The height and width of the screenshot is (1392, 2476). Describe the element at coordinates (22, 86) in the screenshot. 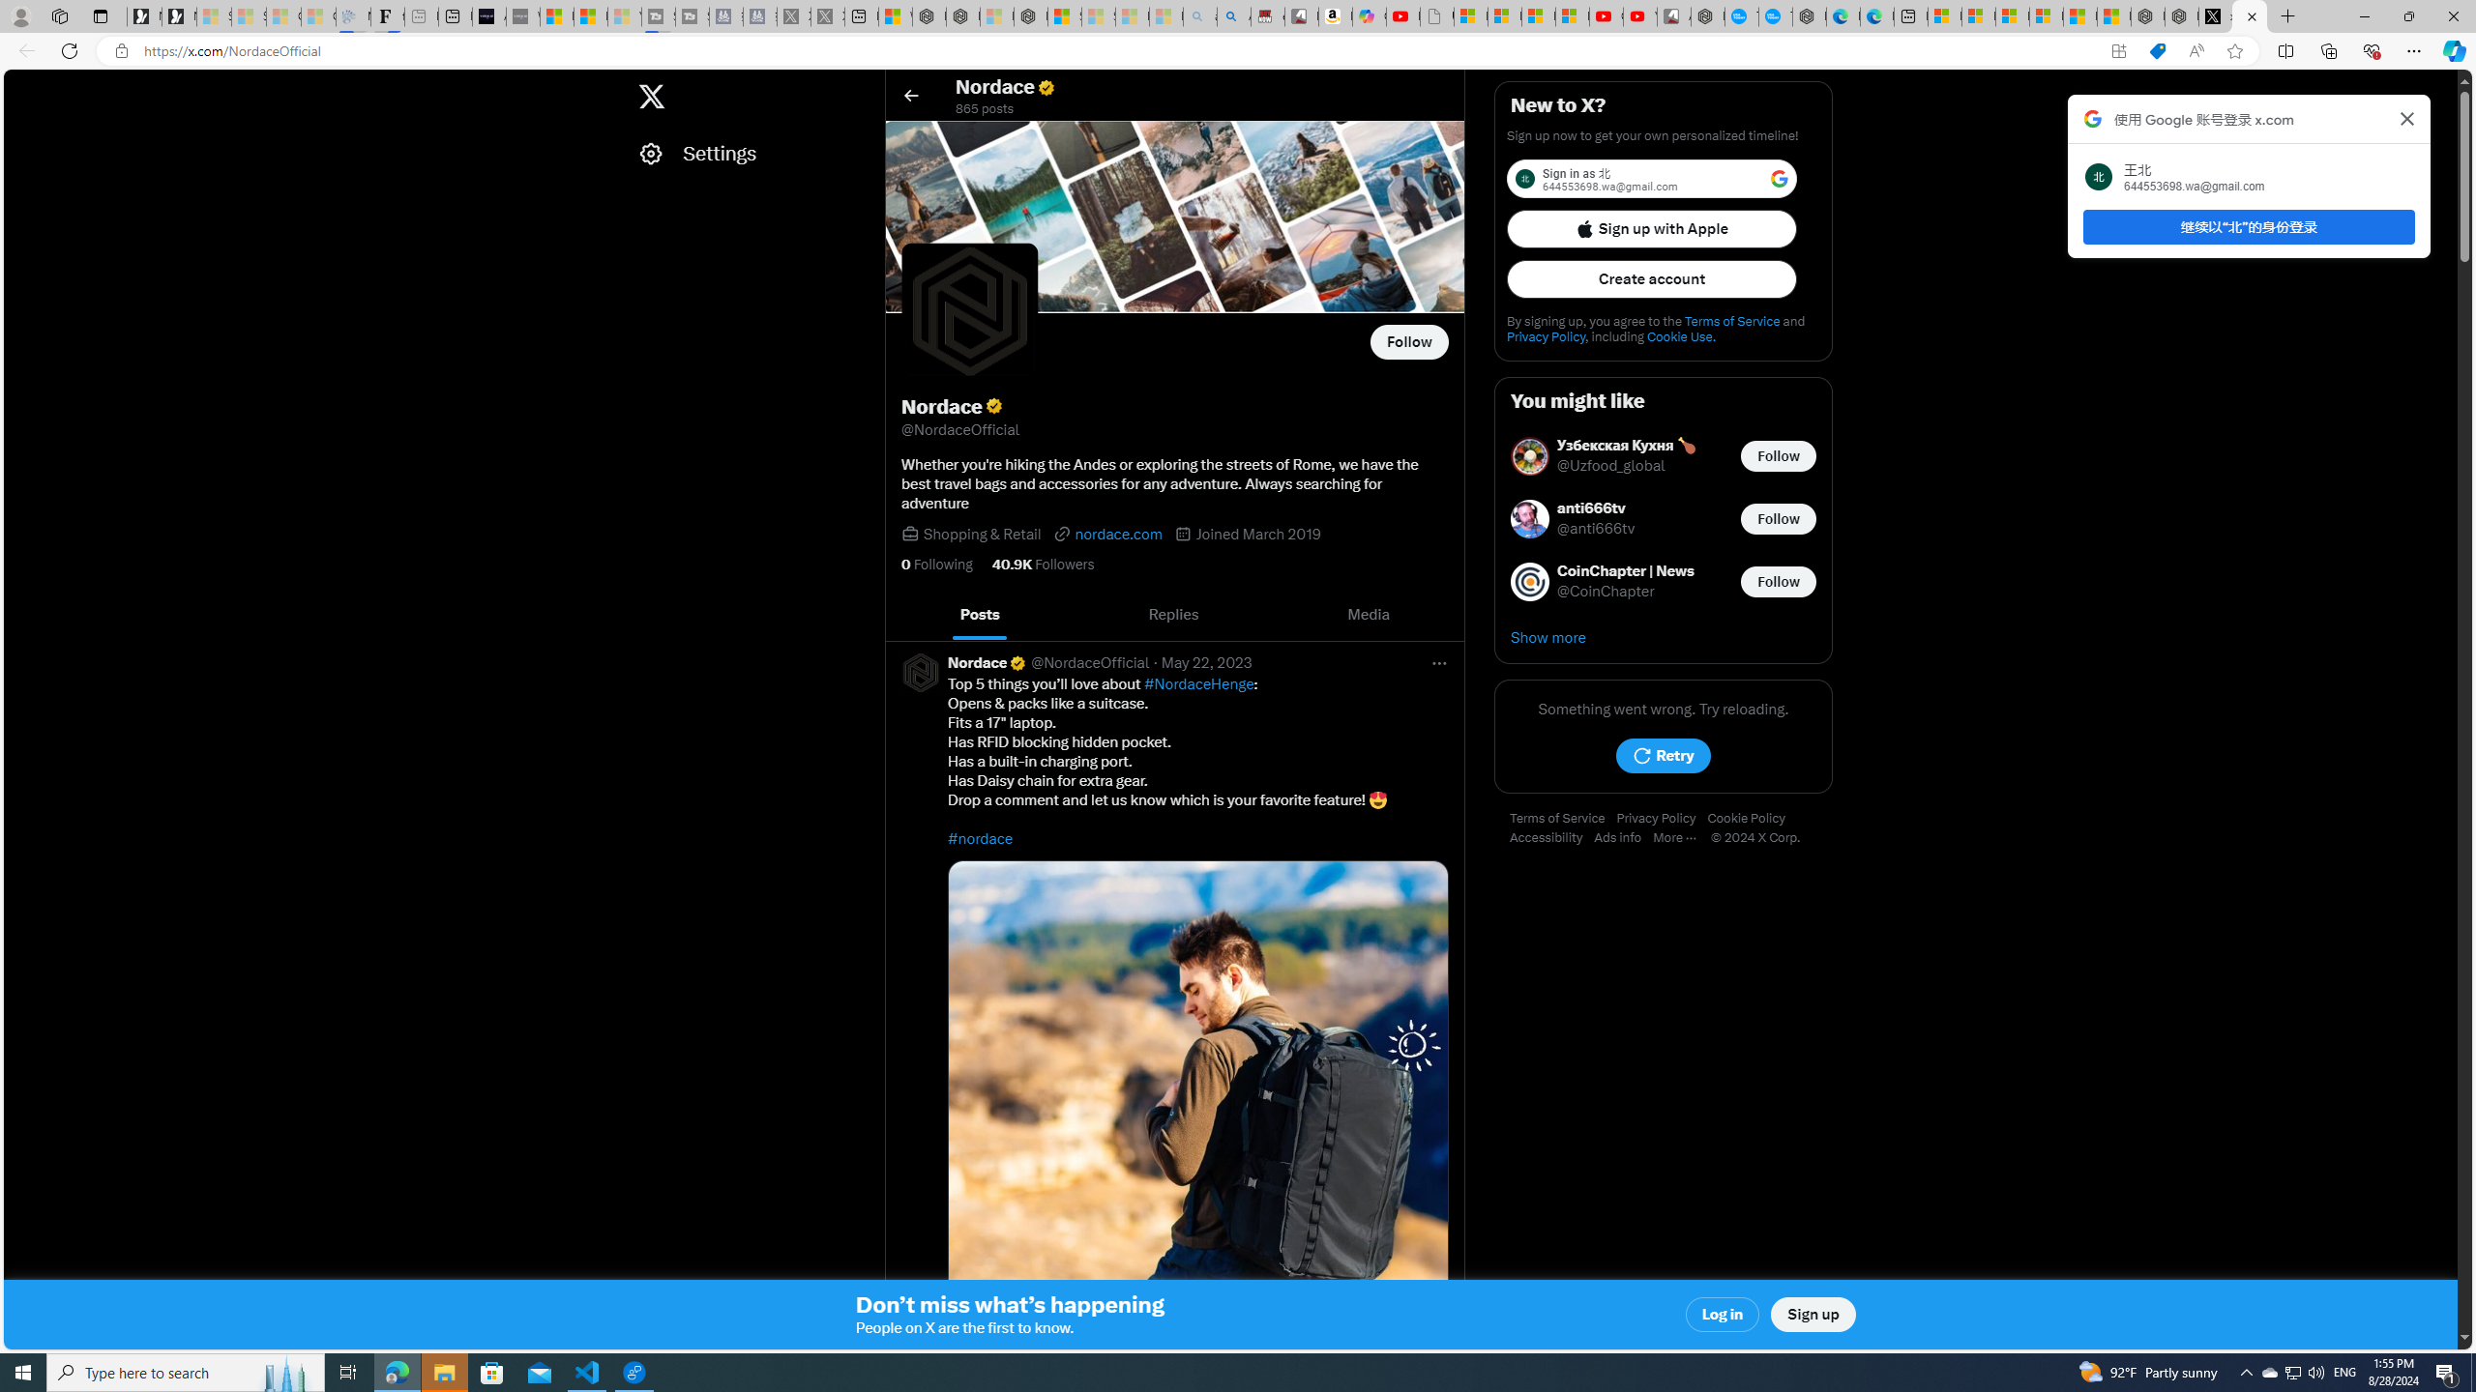

I see `'Skip to home timeline'` at that location.